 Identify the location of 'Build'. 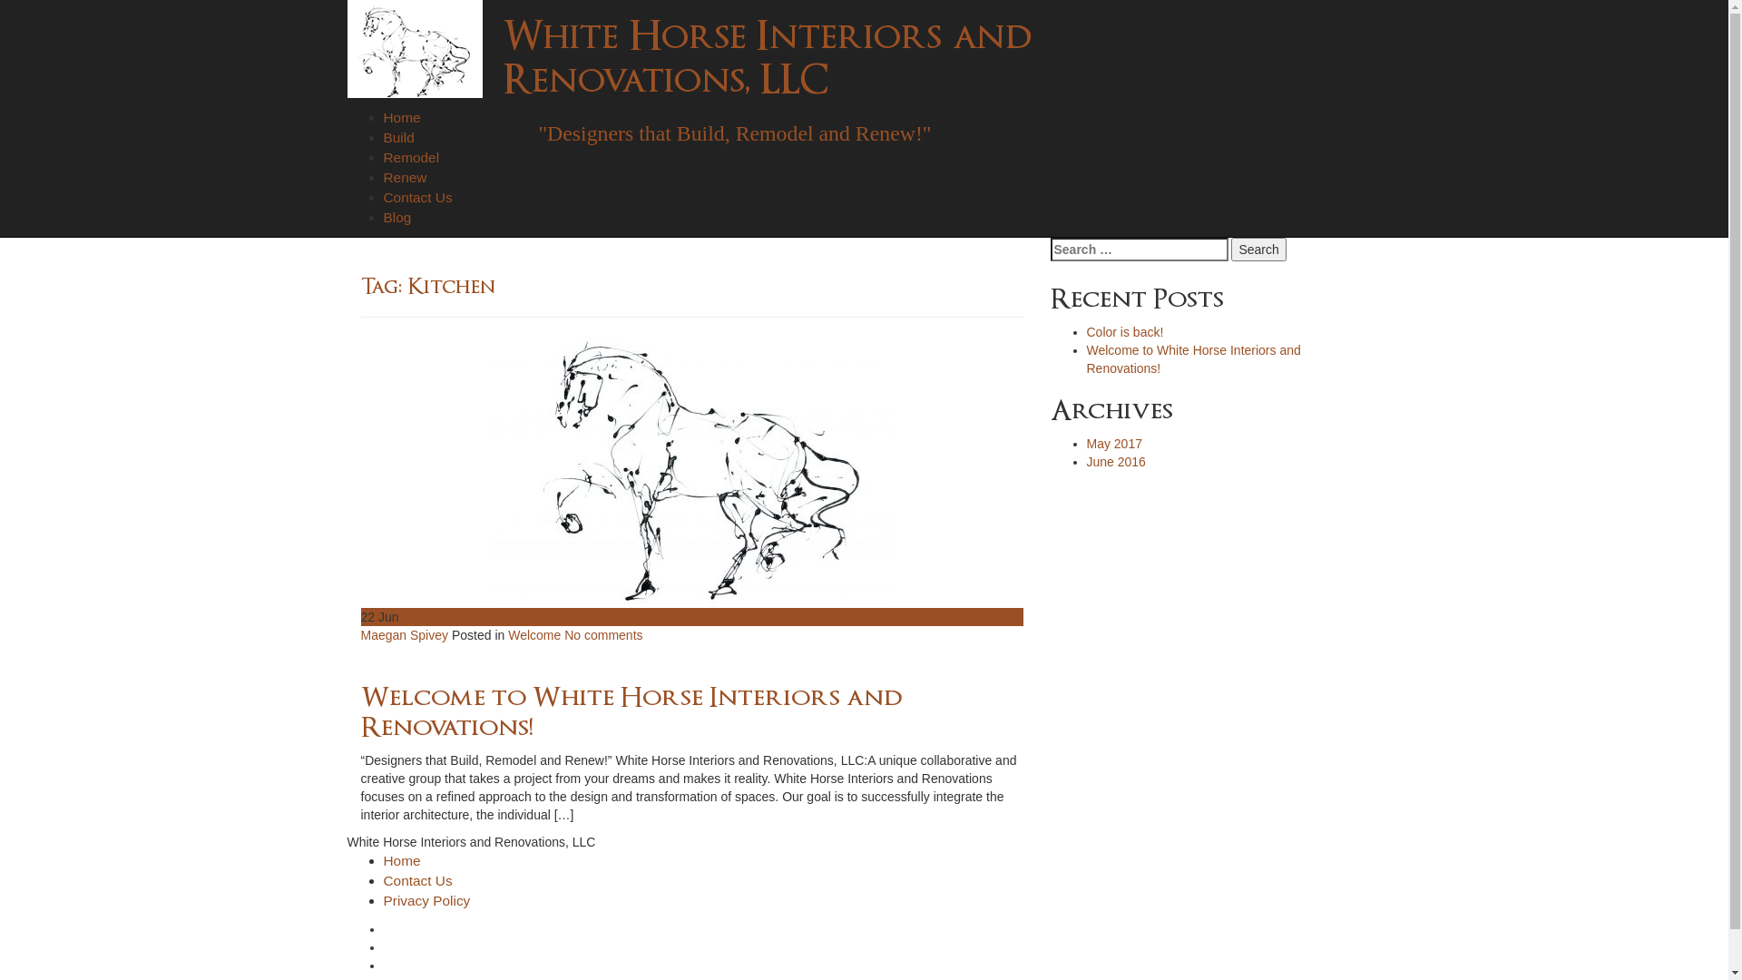
(396, 136).